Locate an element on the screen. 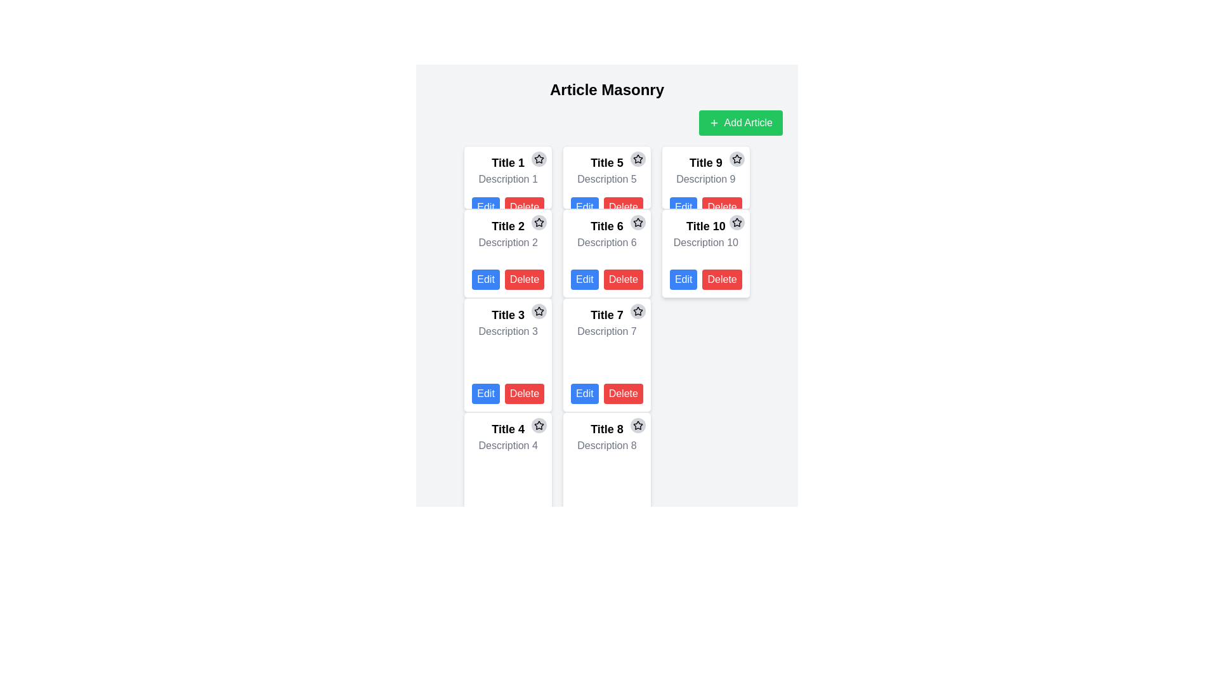 The width and height of the screenshot is (1218, 685). the Delete button, styled in red with white text, located within the interactive button group at the bottom of the card for 'Title 9' is located at coordinates (705, 207).